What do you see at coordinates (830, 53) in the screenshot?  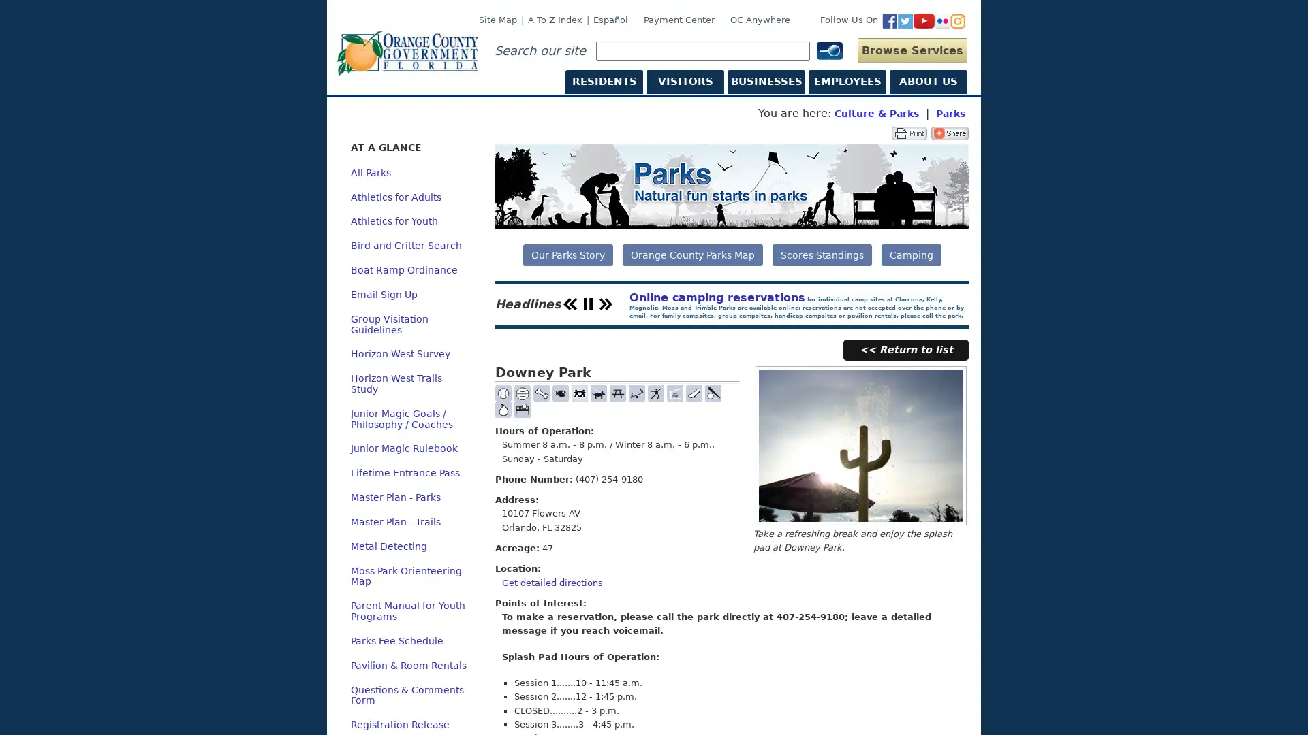 I see `Submit Search` at bounding box center [830, 53].